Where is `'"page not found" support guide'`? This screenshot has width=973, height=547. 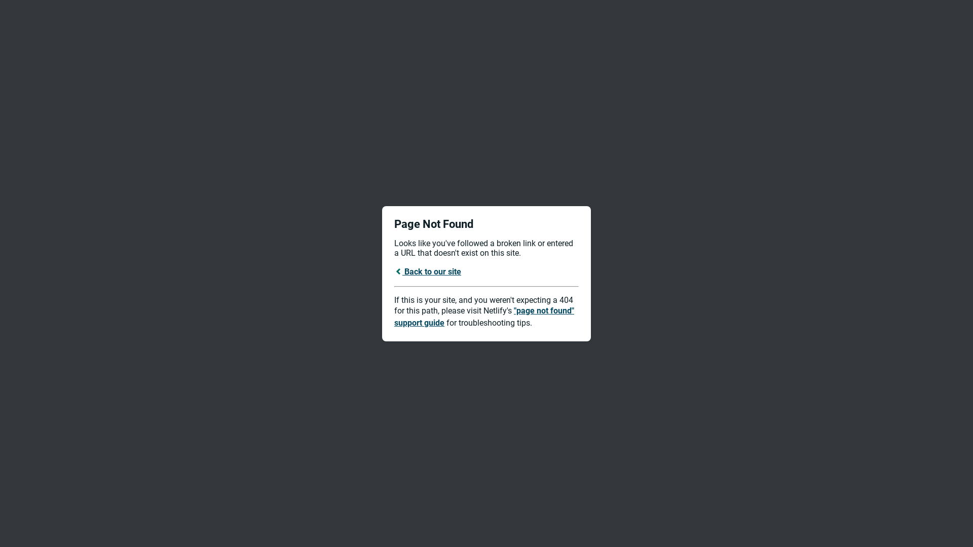 '"page not found" support guide' is located at coordinates (483, 316).